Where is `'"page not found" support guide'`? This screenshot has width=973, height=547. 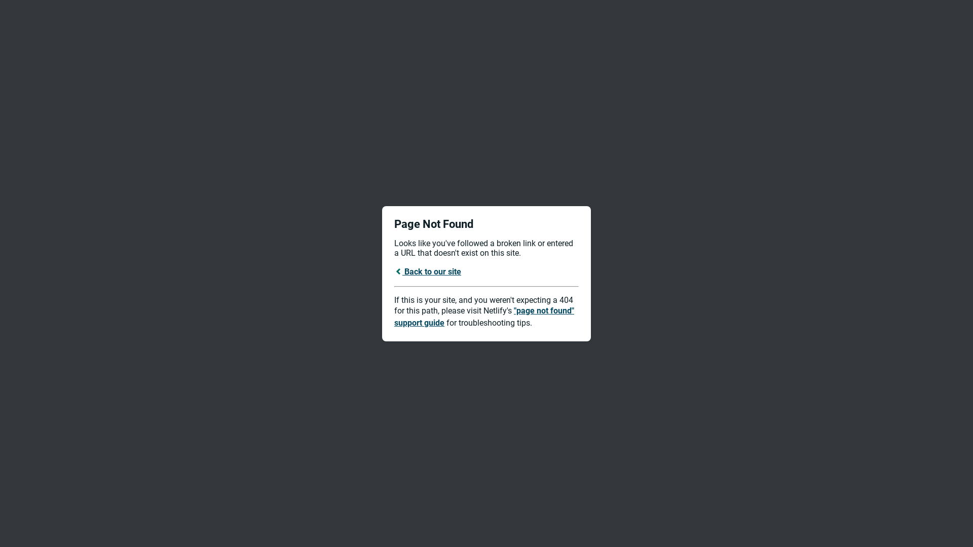 '"page not found" support guide' is located at coordinates (483, 316).